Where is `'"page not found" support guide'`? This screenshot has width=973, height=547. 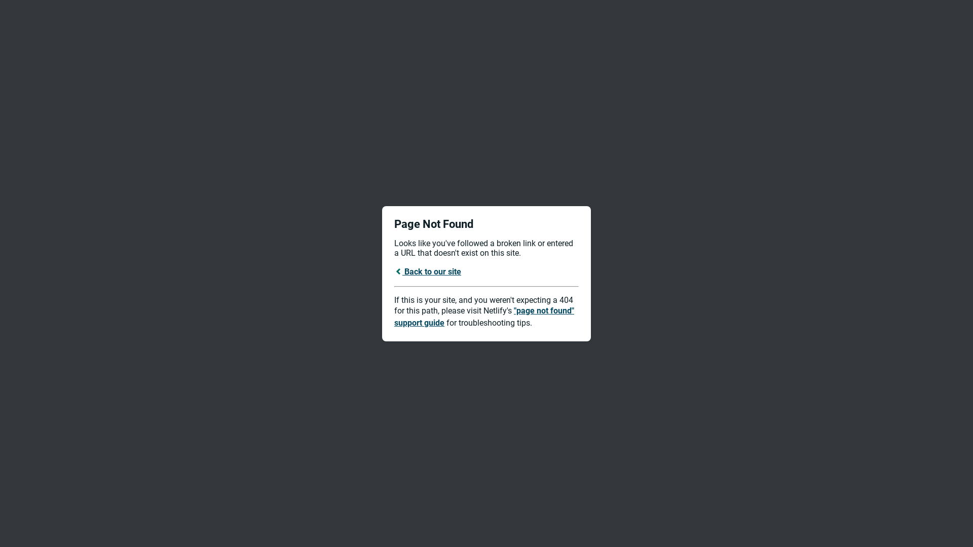 '"page not found" support guide' is located at coordinates (483, 316).